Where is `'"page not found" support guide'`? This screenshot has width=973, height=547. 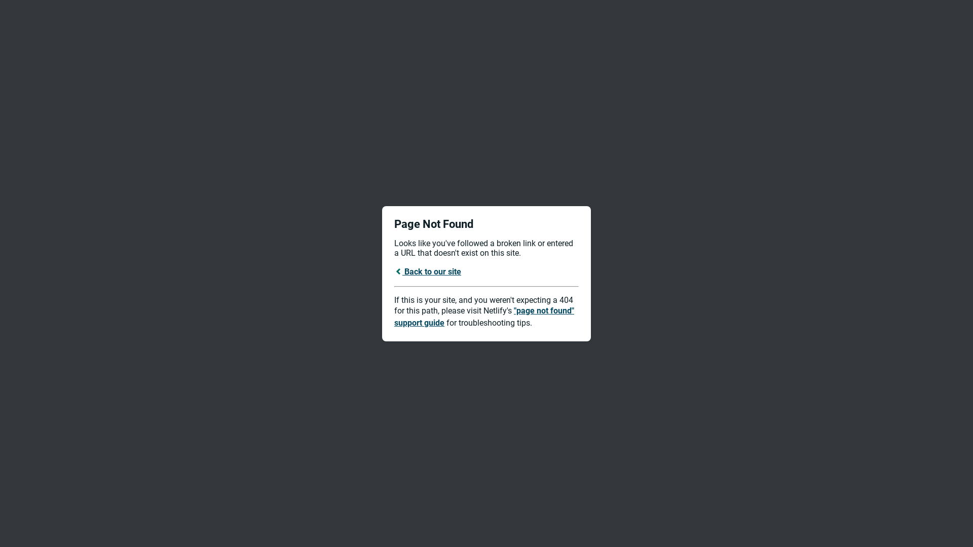 '"page not found" support guide' is located at coordinates (483, 316).